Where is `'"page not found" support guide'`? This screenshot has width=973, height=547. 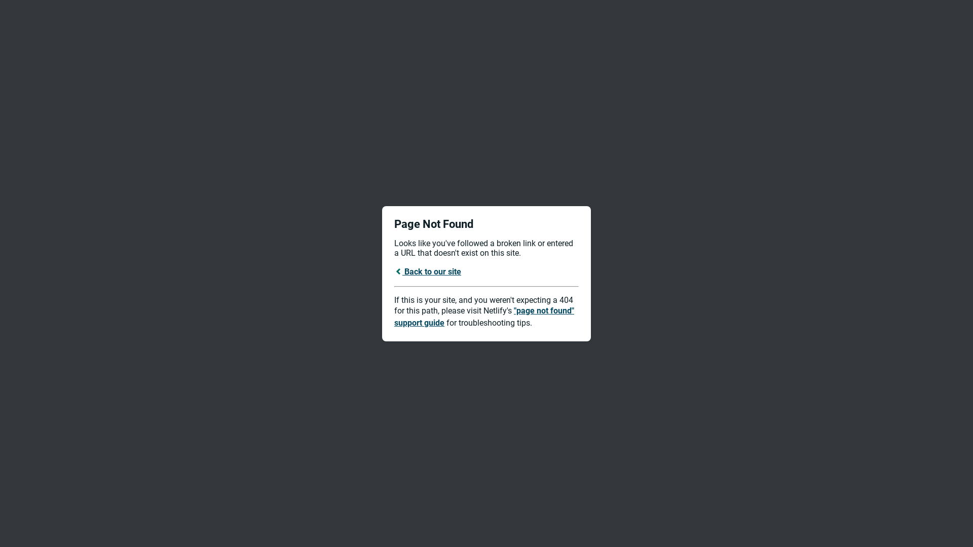 '"page not found" support guide' is located at coordinates (483, 316).